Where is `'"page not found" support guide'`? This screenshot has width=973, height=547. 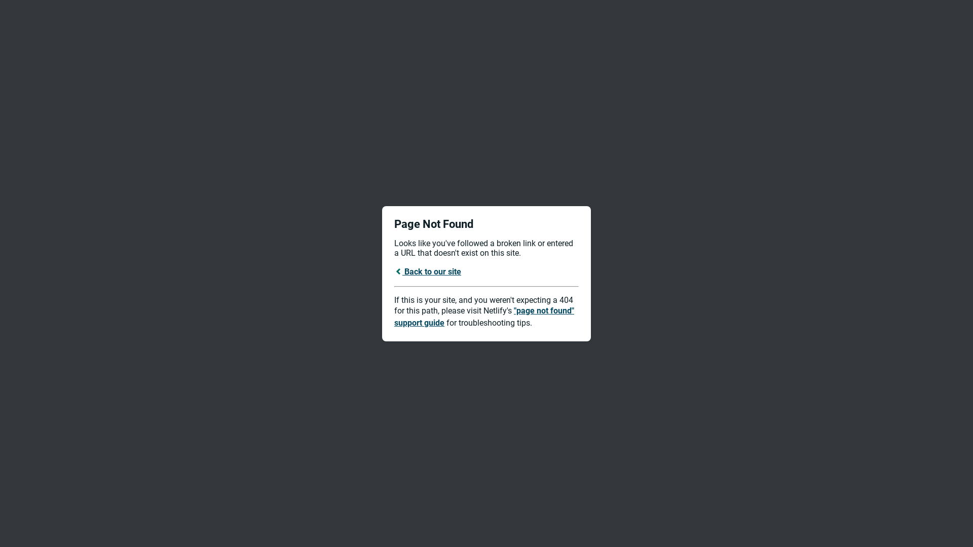 '"page not found" support guide' is located at coordinates (483, 316).